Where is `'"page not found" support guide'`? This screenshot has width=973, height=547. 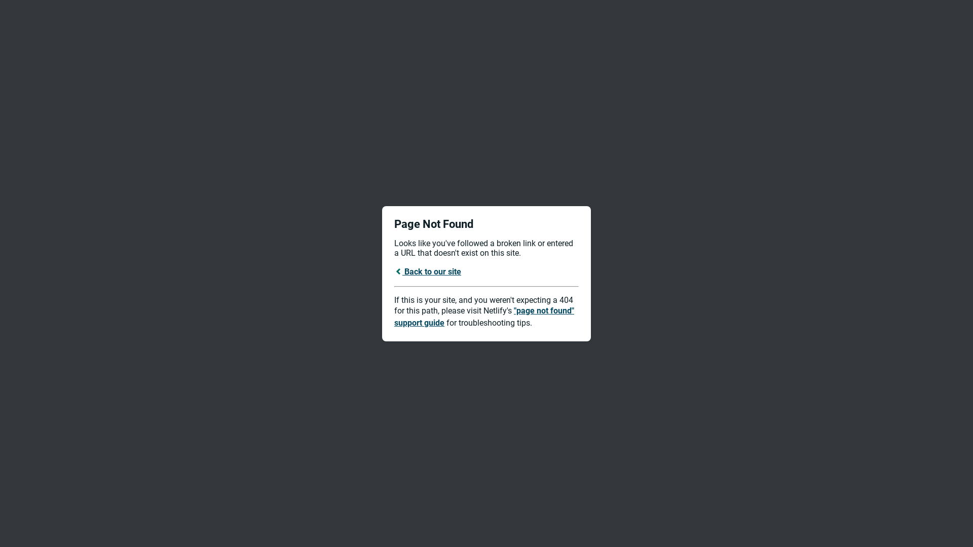 '"page not found" support guide' is located at coordinates (483, 316).